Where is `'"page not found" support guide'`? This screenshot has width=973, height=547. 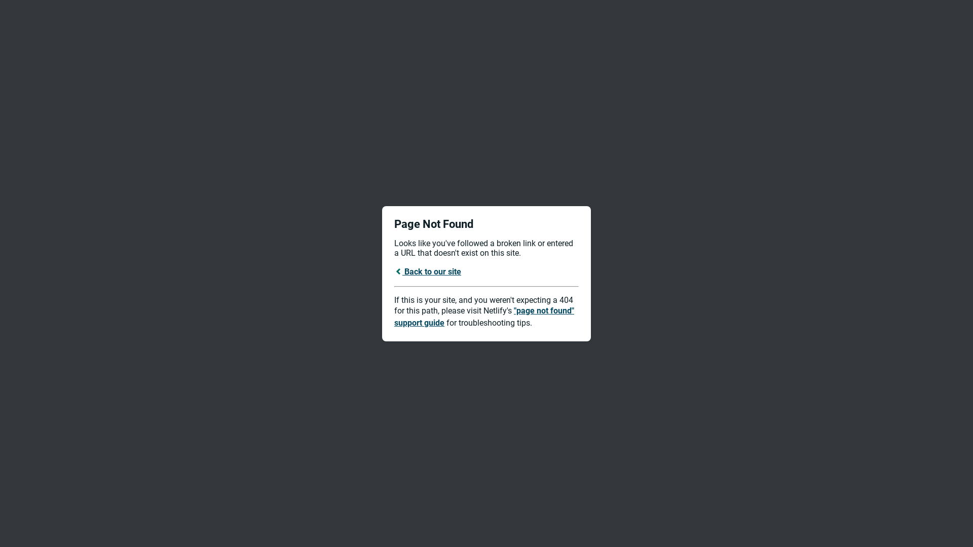 '"page not found" support guide' is located at coordinates (483, 316).